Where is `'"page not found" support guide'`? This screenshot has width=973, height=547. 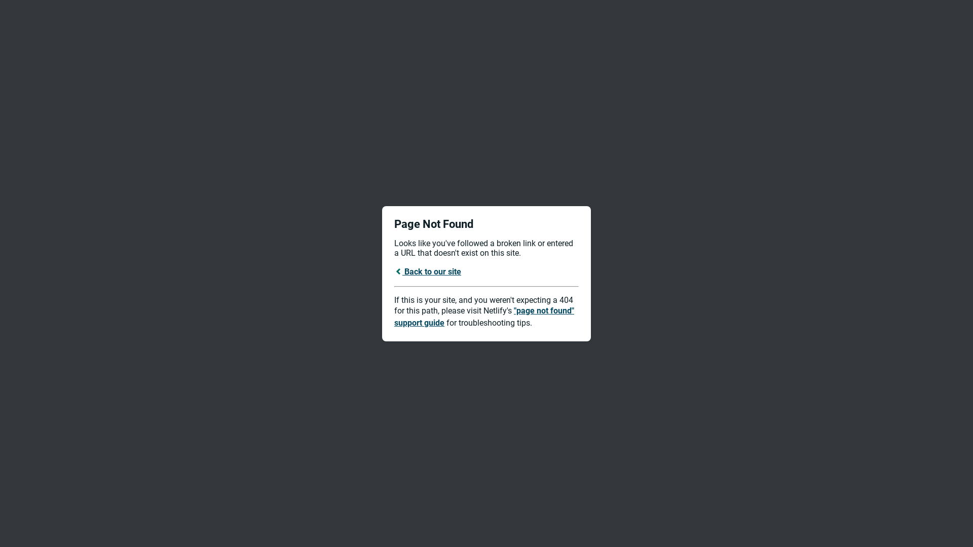 '"page not found" support guide' is located at coordinates (483, 316).